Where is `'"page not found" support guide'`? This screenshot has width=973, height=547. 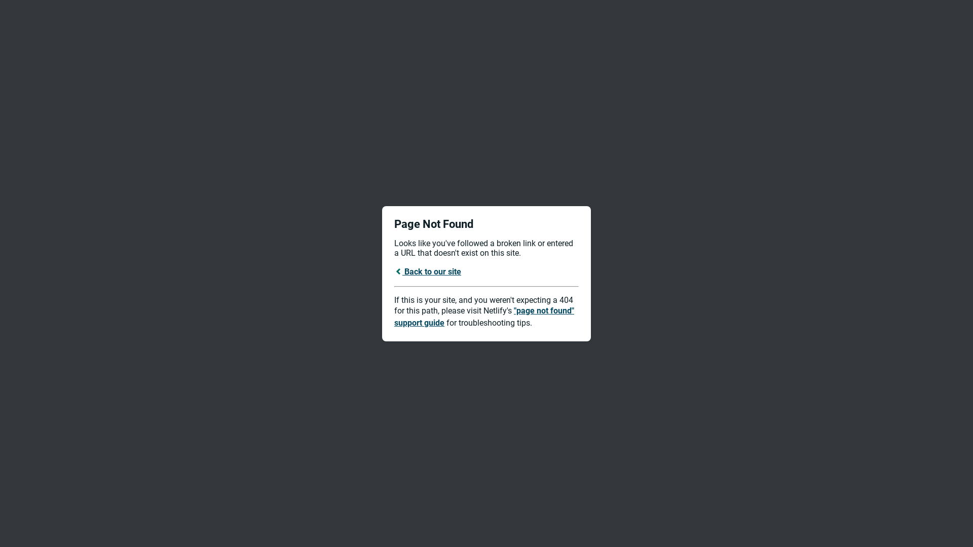 '"page not found" support guide' is located at coordinates (483, 316).